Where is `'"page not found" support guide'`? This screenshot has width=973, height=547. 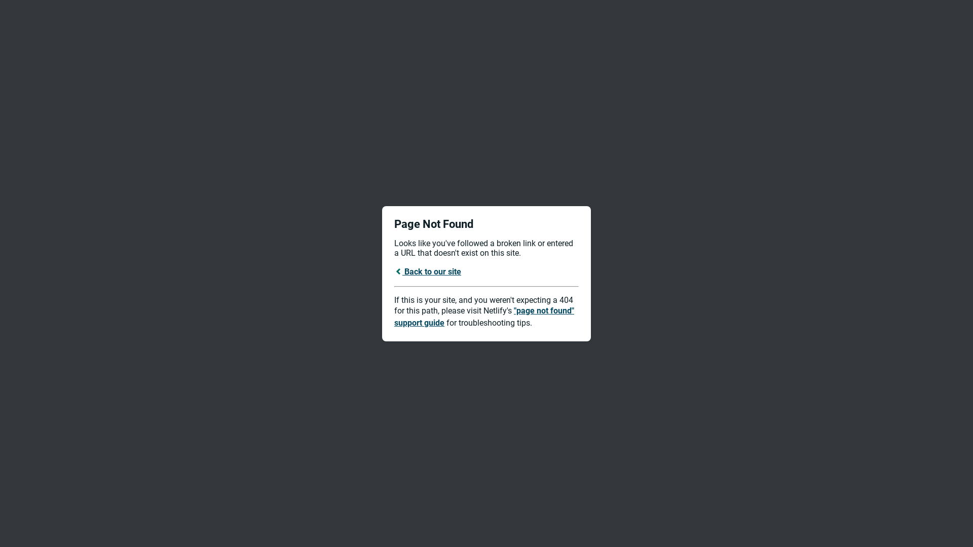 '"page not found" support guide' is located at coordinates (483, 316).